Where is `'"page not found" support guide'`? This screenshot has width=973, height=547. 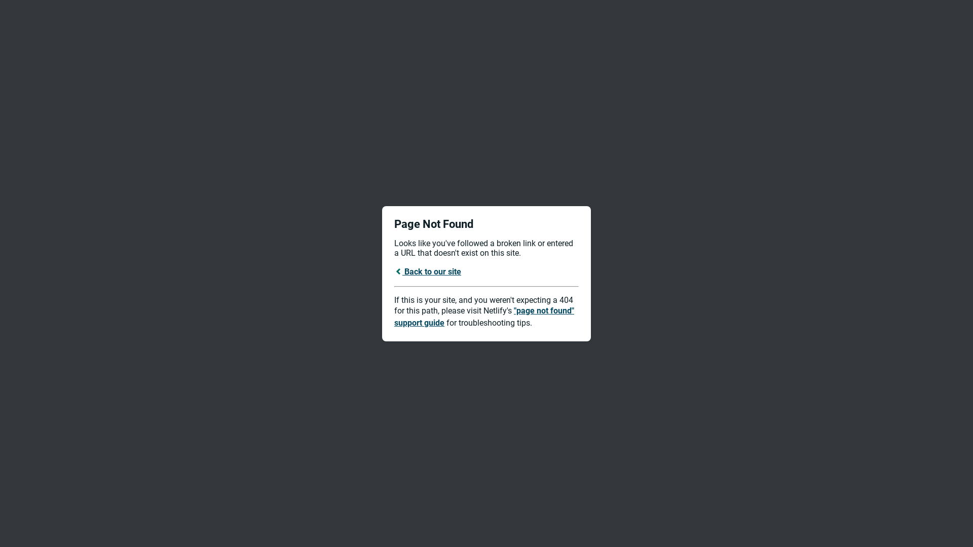 '"page not found" support guide' is located at coordinates (483, 316).